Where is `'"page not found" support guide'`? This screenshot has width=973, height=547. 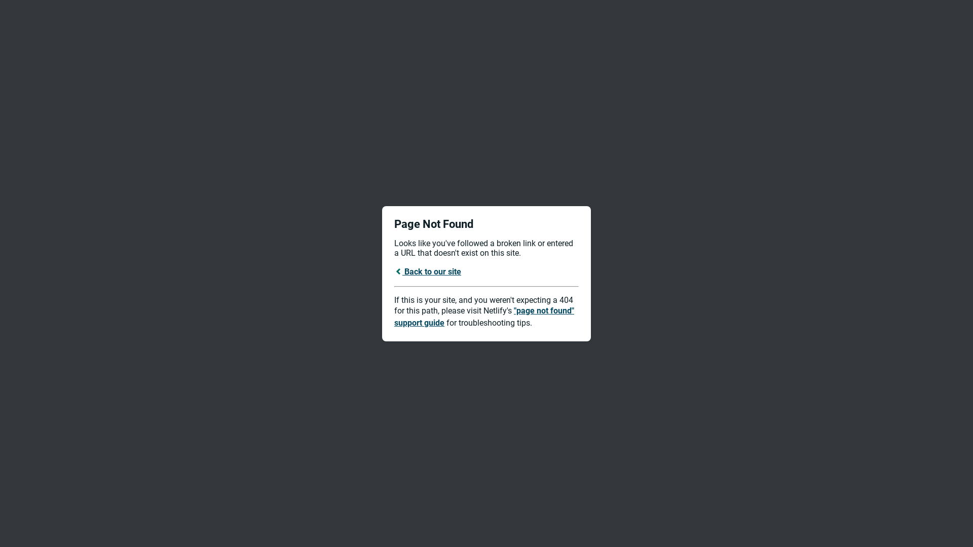 '"page not found" support guide' is located at coordinates (483, 316).